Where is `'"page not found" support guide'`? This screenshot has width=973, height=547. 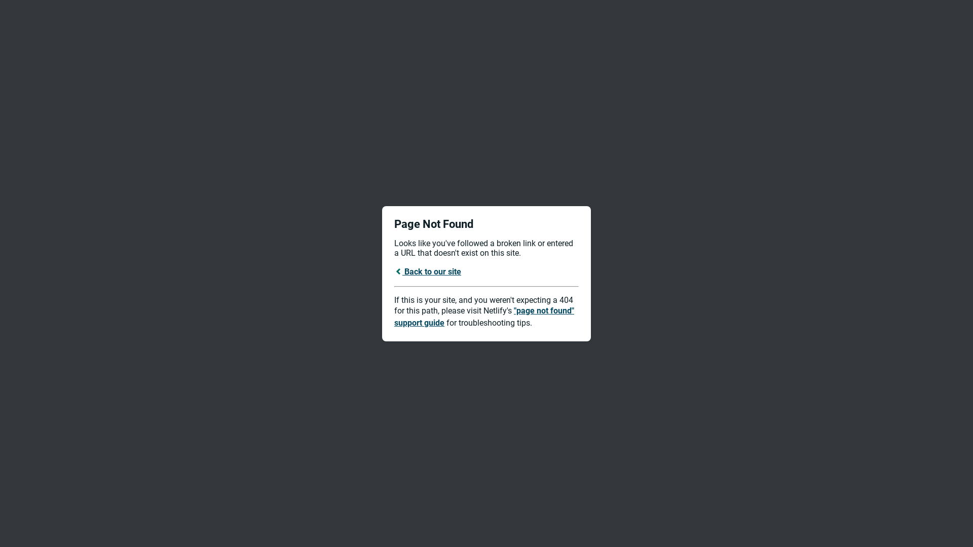 '"page not found" support guide' is located at coordinates (483, 316).